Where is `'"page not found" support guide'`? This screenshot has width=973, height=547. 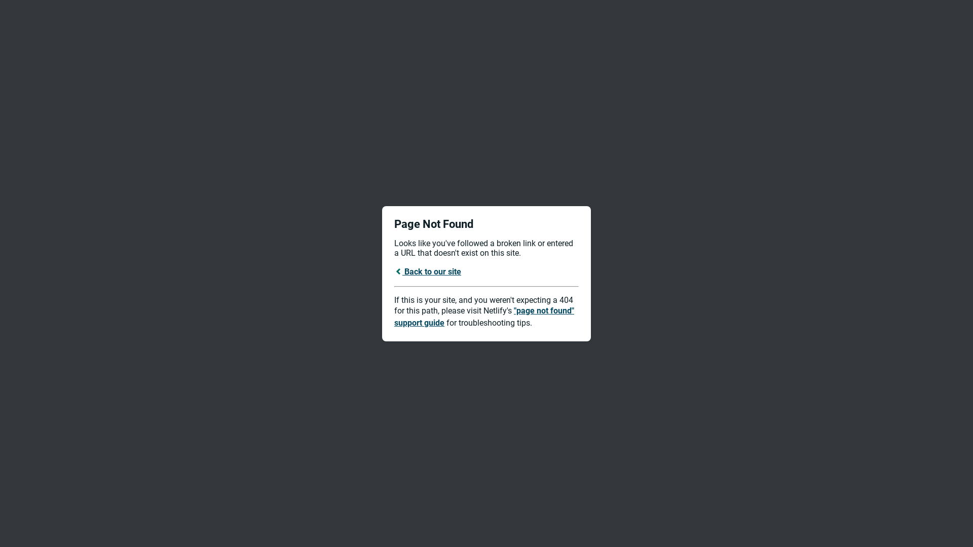 '"page not found" support guide' is located at coordinates (483, 316).